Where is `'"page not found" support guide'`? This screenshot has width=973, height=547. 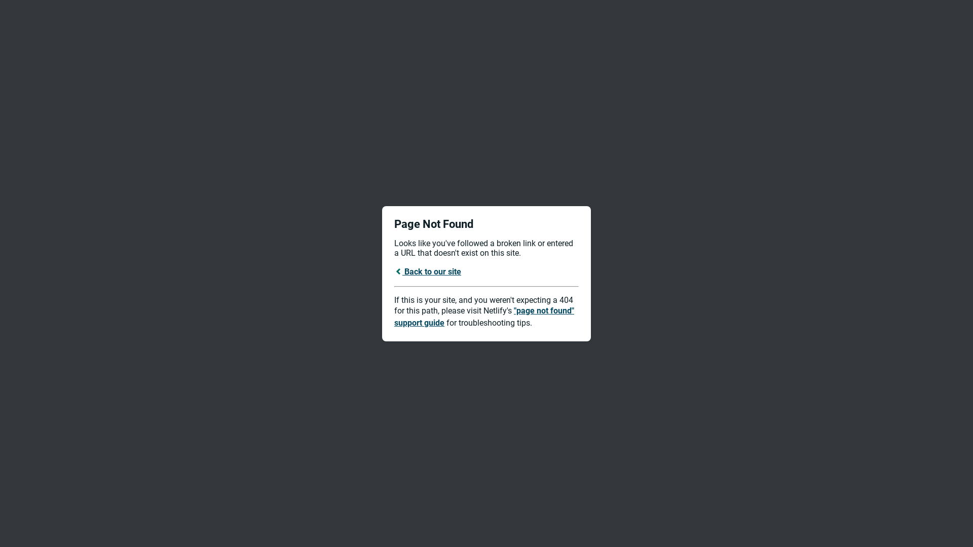 '"page not found" support guide' is located at coordinates (483, 316).